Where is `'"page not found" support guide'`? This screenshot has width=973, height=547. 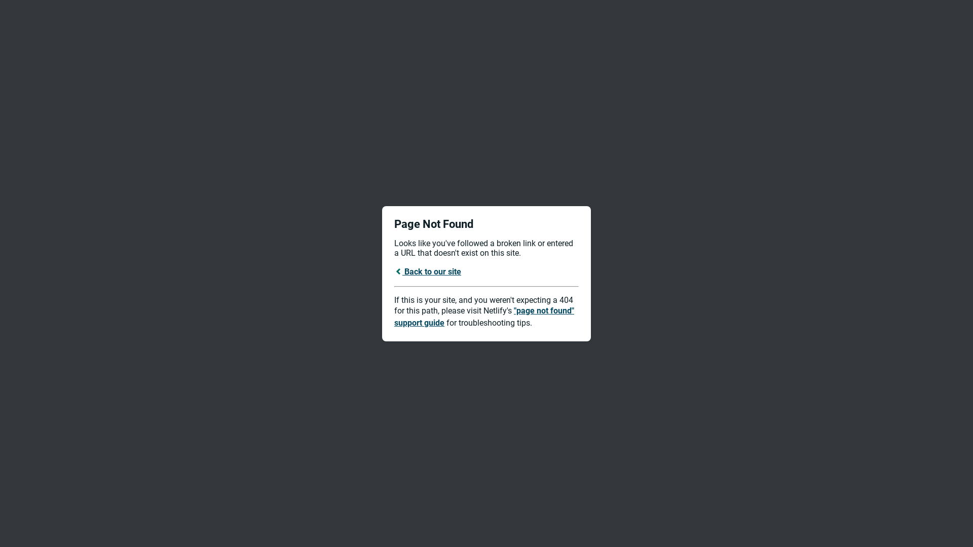 '"page not found" support guide' is located at coordinates (483, 316).